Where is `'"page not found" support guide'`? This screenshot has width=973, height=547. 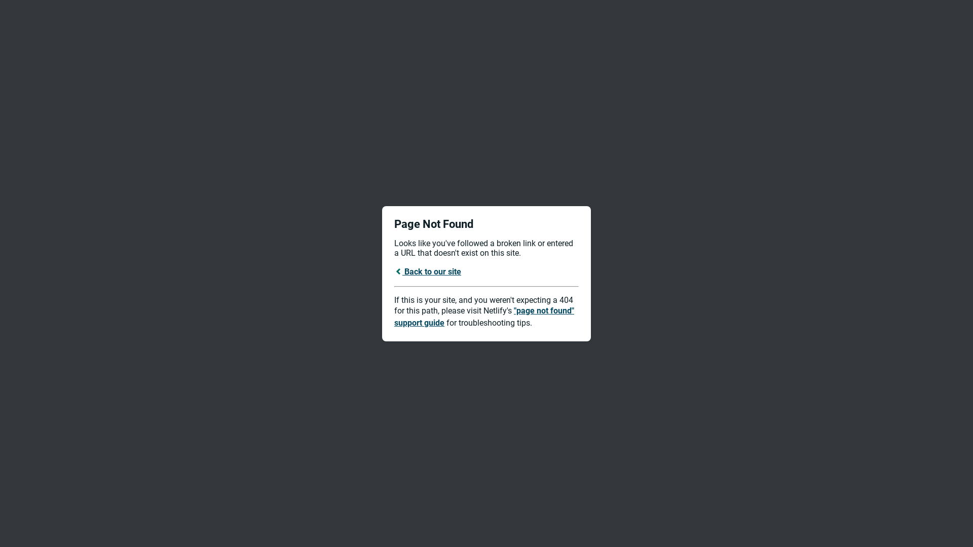 '"page not found" support guide' is located at coordinates (483, 316).